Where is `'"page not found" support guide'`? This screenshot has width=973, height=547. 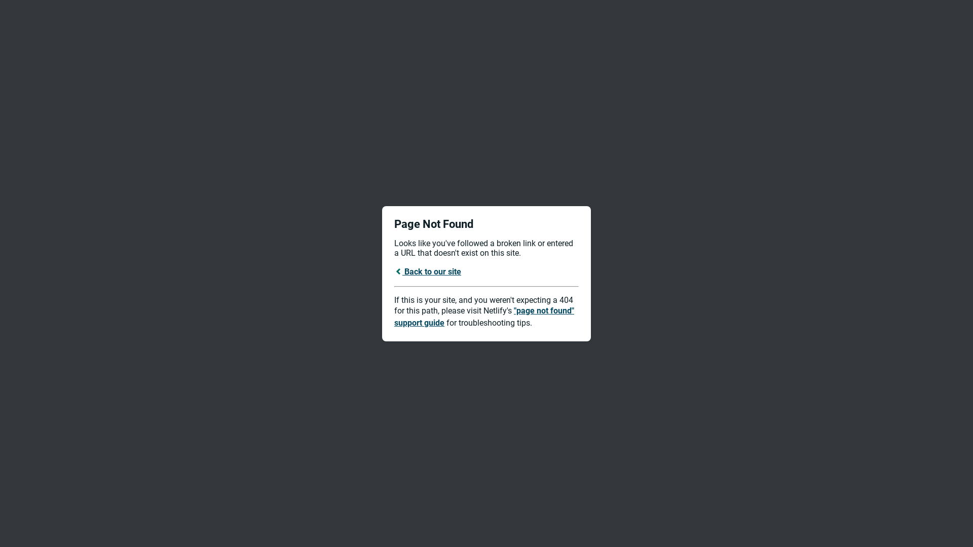 '"page not found" support guide' is located at coordinates (483, 316).